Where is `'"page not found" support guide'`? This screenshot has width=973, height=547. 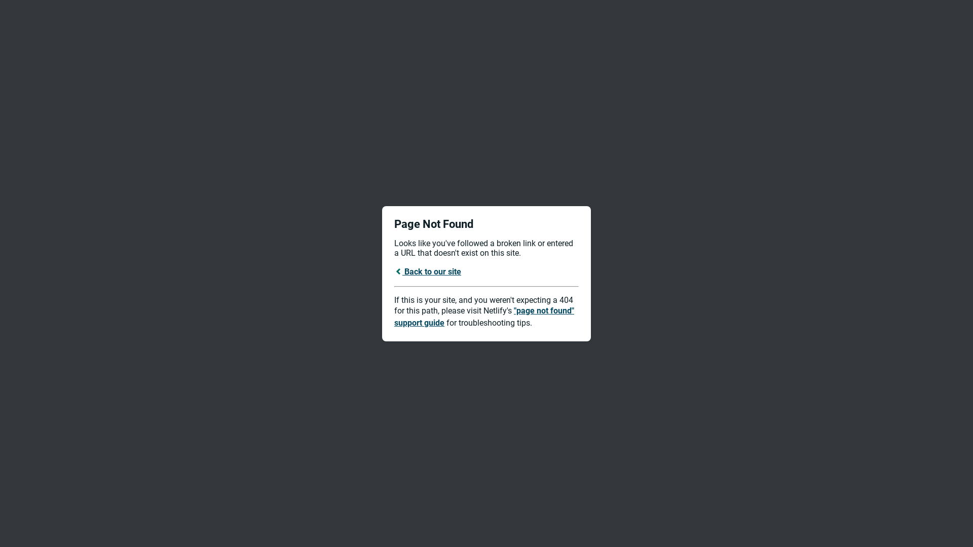 '"page not found" support guide' is located at coordinates (483, 316).